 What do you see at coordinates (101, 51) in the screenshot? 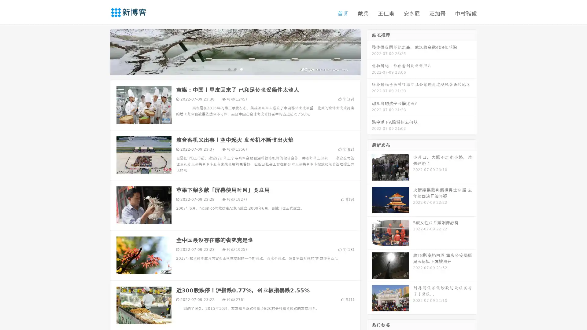
I see `Previous slide` at bounding box center [101, 51].